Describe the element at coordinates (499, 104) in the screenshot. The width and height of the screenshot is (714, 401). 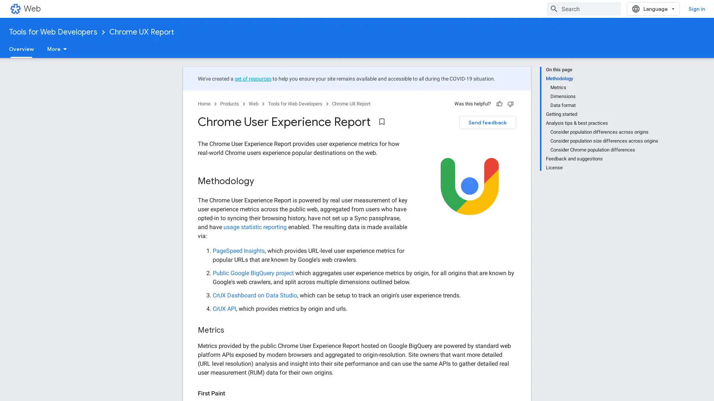
I see `Helpful` at that location.